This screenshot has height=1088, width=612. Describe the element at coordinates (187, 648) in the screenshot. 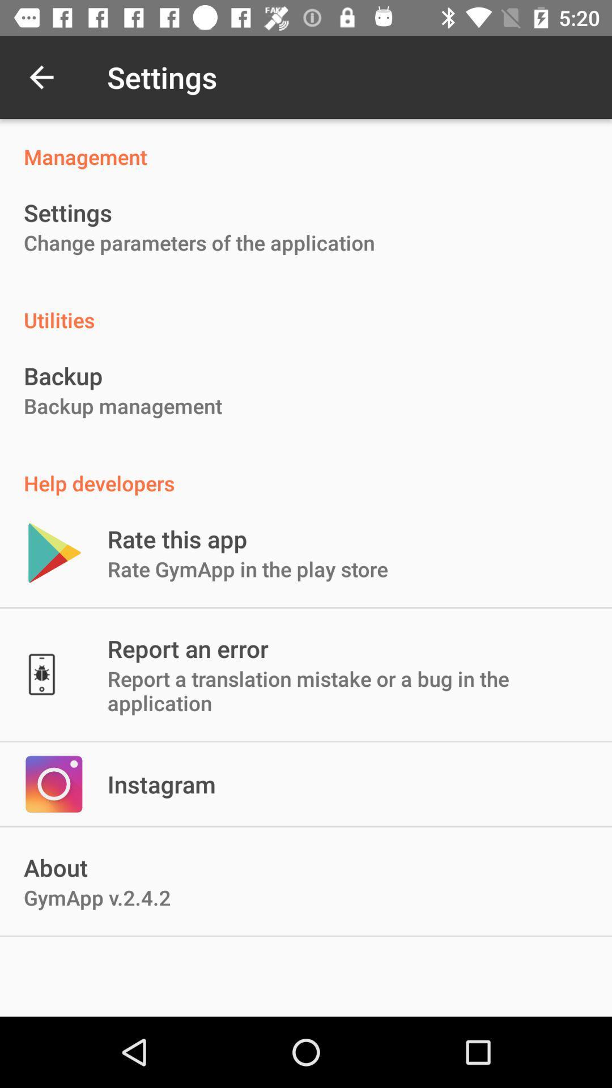

I see `icon below rate gymapp in item` at that location.